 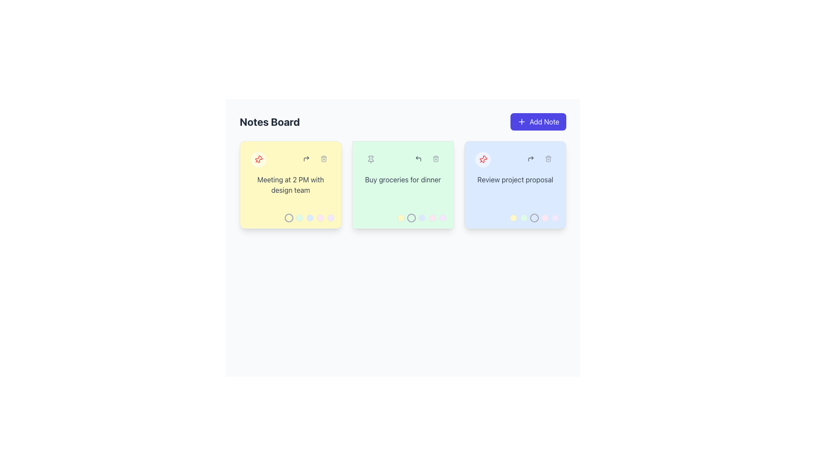 I want to click on the circular interactive icon button with a red push pin icon located at the top-left corner of the blue note card titled 'Review project proposal', so click(x=483, y=159).